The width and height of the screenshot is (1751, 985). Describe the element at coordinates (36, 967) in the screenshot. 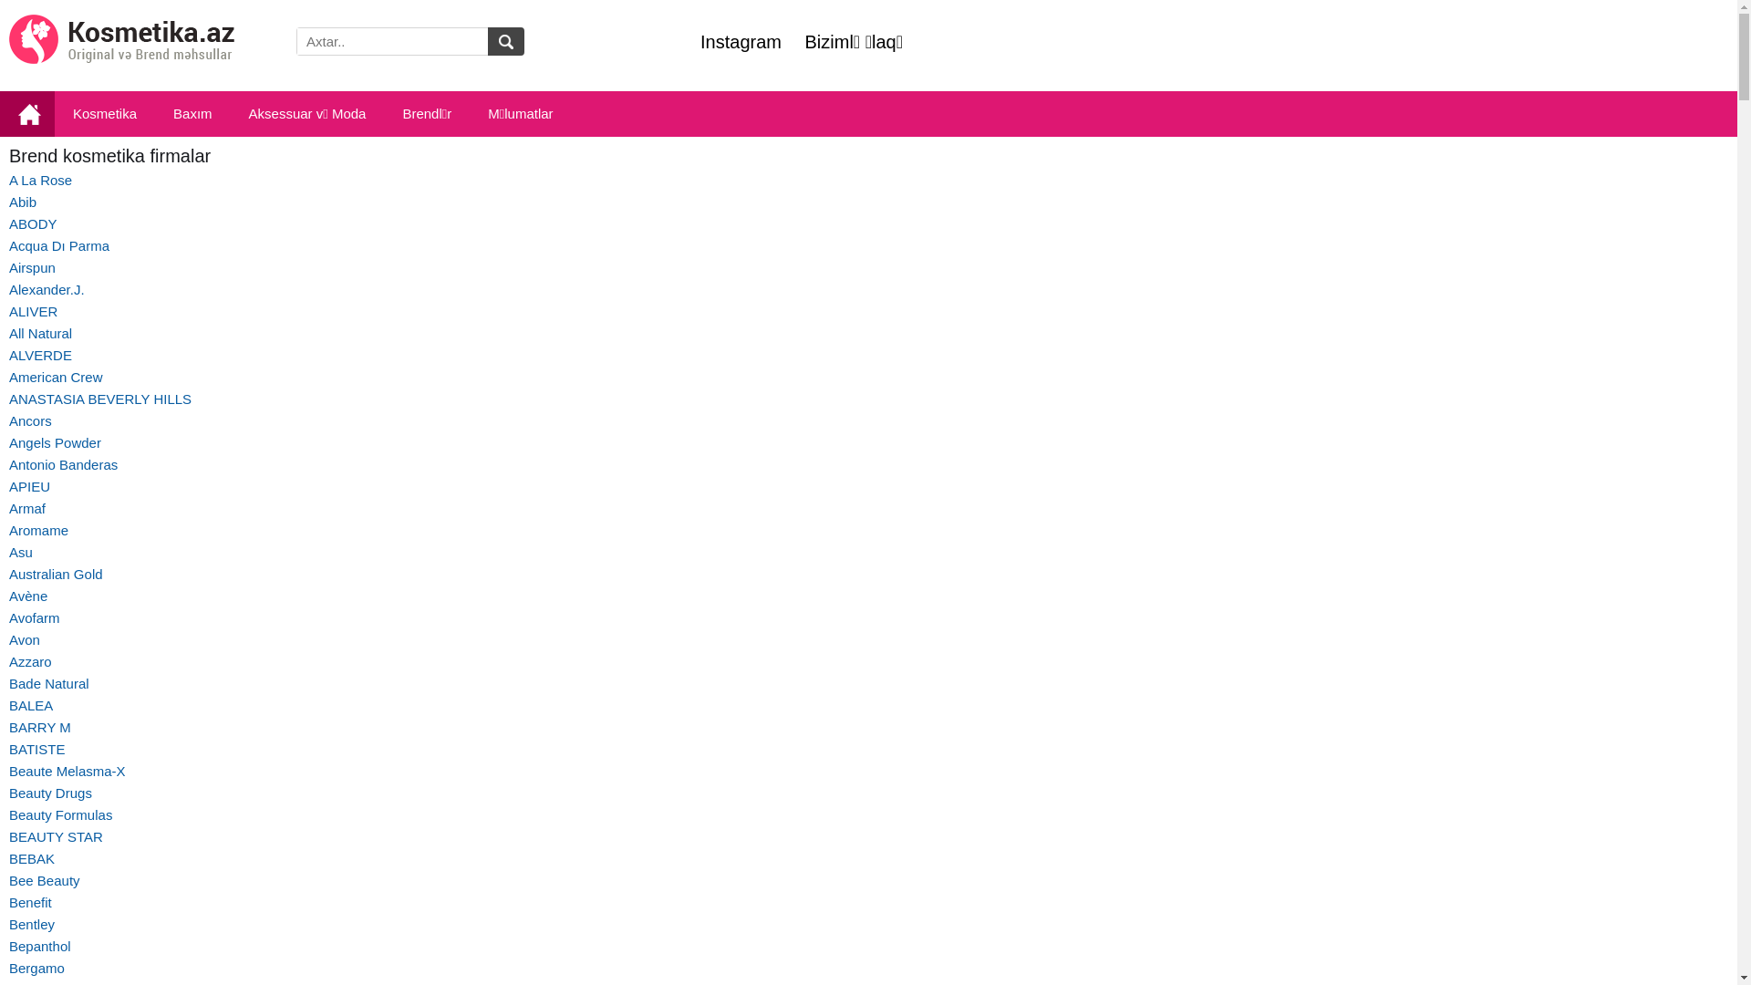

I see `'Bergamo'` at that location.